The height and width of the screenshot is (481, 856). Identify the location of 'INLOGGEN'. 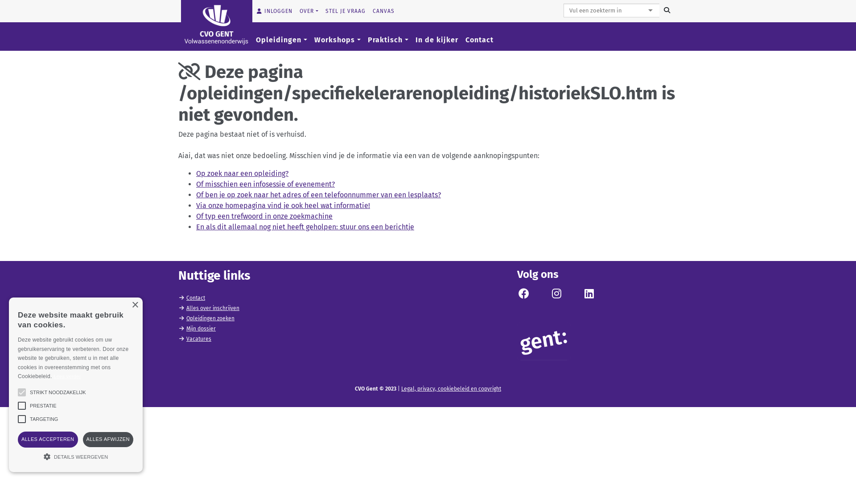
(273, 11).